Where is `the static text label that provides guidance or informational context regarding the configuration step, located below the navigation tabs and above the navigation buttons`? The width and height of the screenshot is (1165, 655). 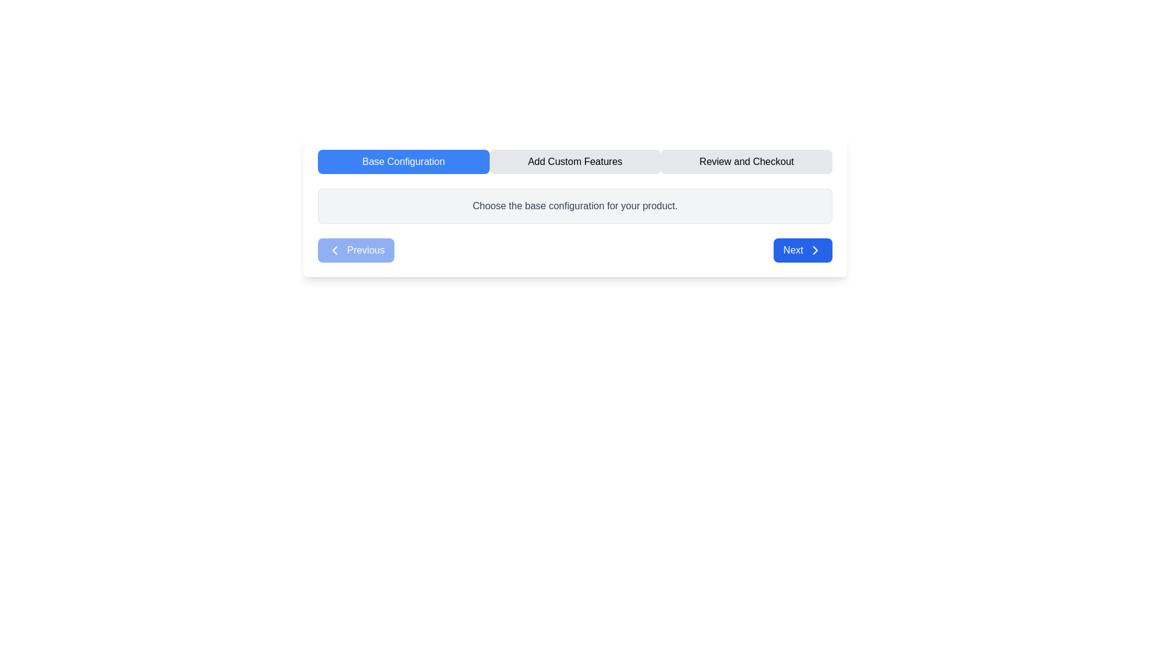
the static text label that provides guidance or informational context regarding the configuration step, located below the navigation tabs and above the navigation buttons is located at coordinates (575, 205).